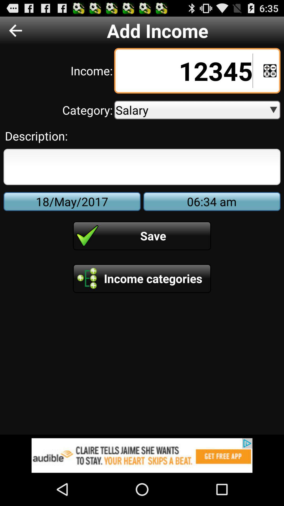 This screenshot has width=284, height=506. Describe the element at coordinates (142, 167) in the screenshot. I see `field for text description` at that location.